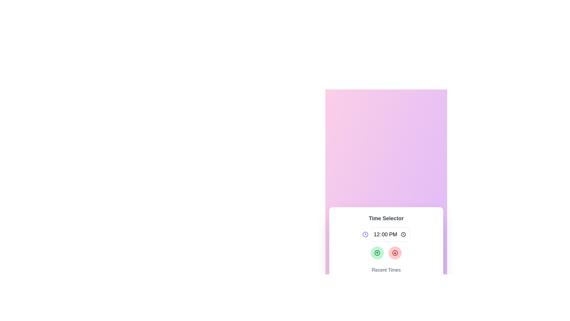 The image size is (570, 321). I want to click on the icon embedded within the red circular button, which is the third button in the second row under the 'Time Selector' heading, so click(395, 253).